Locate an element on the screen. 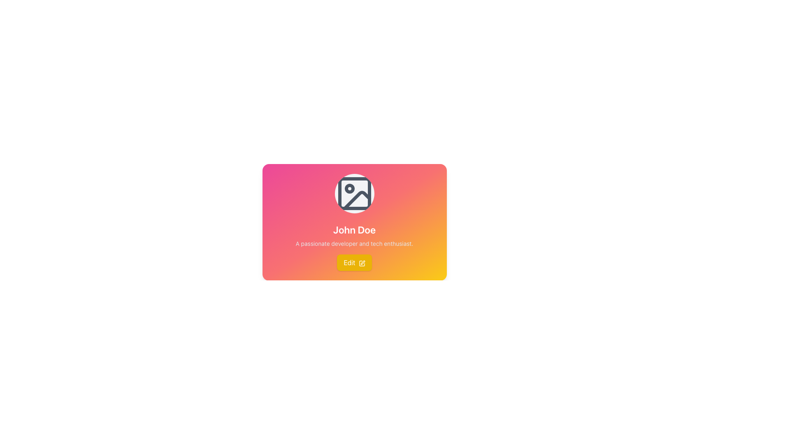  the Text Block that contains 'John Doe' and its subtext 'A passionate developer and tech enthusiast.' is located at coordinates (354, 236).